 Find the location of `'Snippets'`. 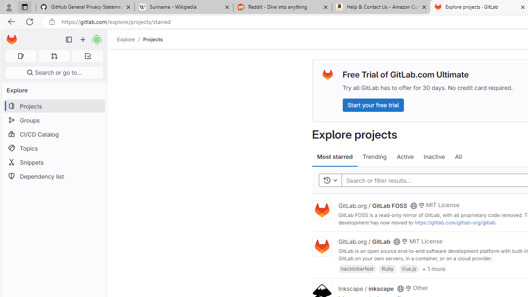

'Snippets' is located at coordinates (54, 162).